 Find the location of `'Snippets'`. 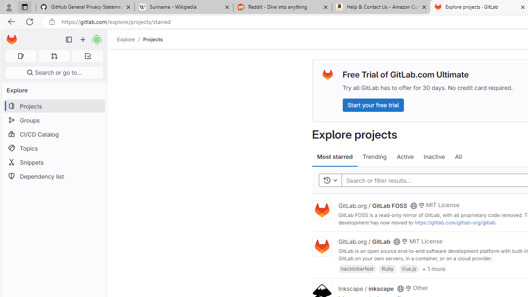

'Snippets' is located at coordinates (54, 162).